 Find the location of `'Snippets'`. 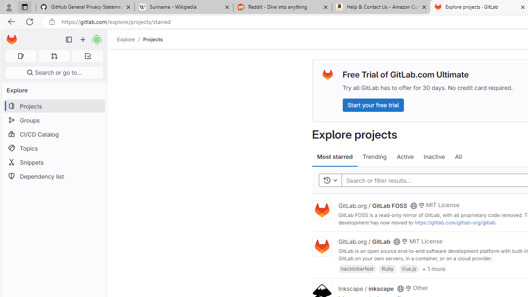

'Snippets' is located at coordinates (54, 162).